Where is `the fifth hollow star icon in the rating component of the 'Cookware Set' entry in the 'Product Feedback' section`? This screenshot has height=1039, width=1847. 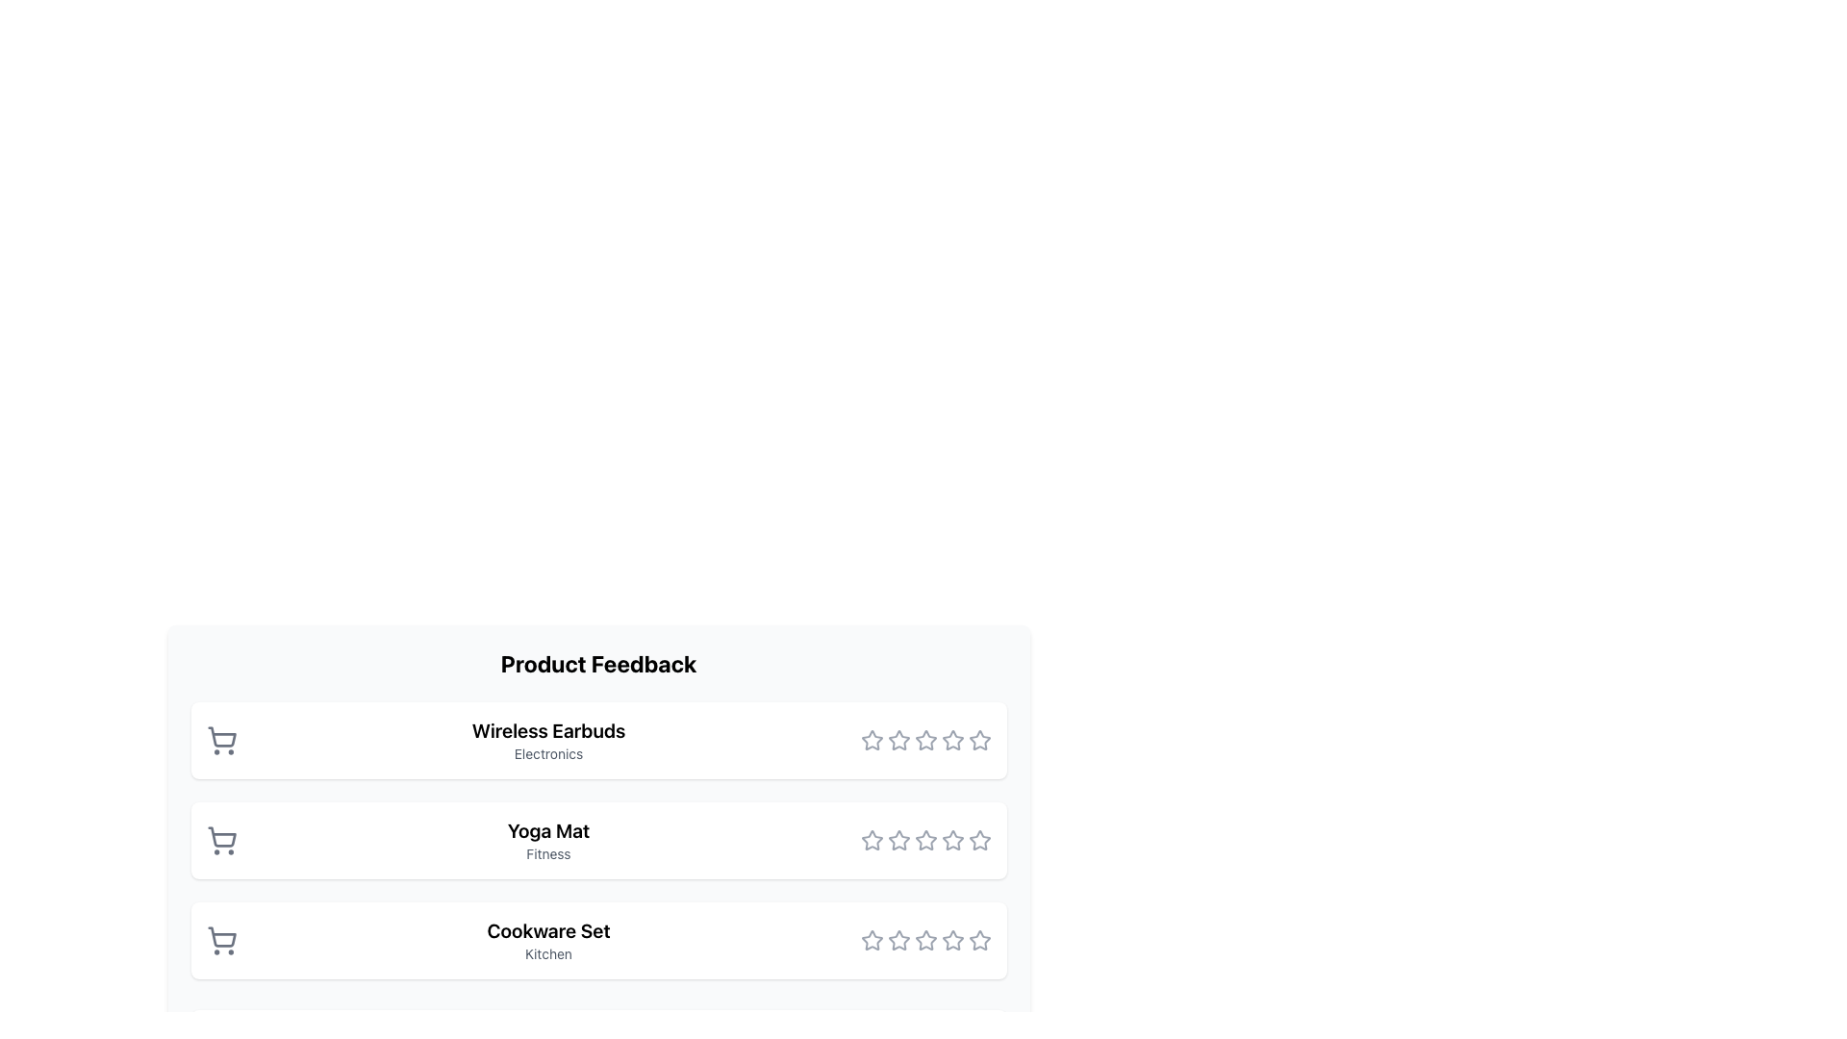
the fifth hollow star icon in the rating component of the 'Cookware Set' entry in the 'Product Feedback' section is located at coordinates (925, 940).